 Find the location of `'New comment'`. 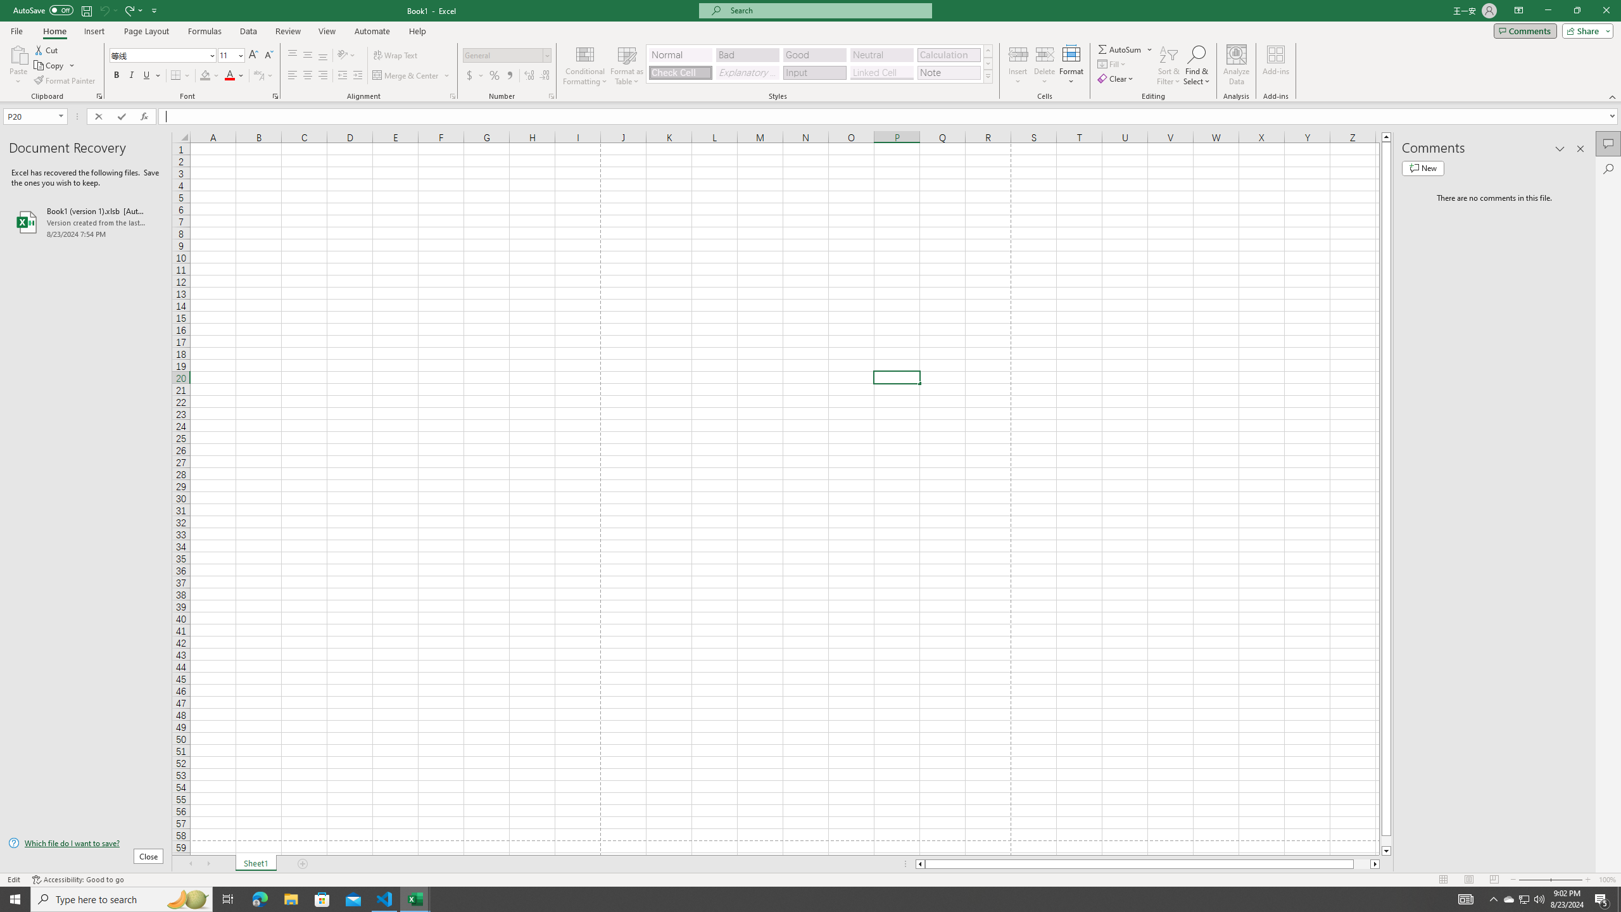

'New comment' is located at coordinates (1422, 167).